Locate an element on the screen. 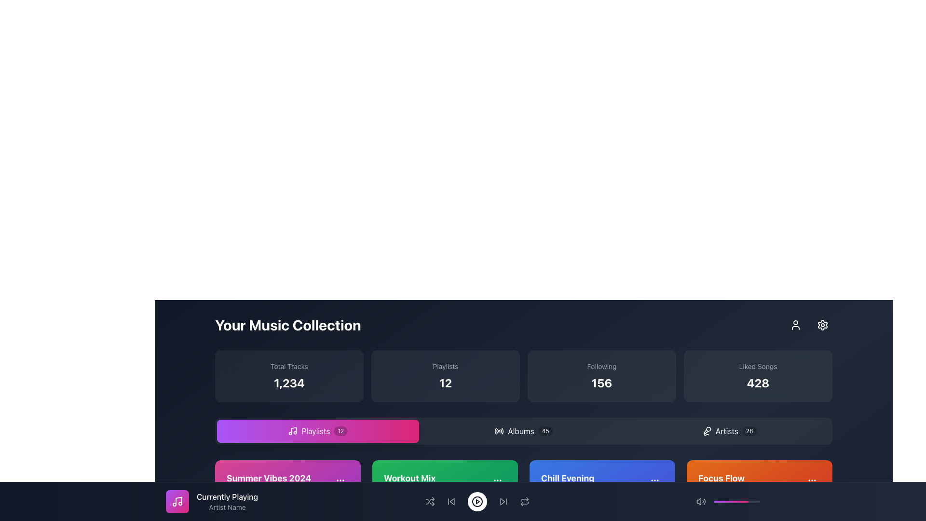  the Card displaying the total number of tracks, which is located in the first column of a 4-column layout, to the immediate left of the 'Playlists' card is located at coordinates (289, 375).